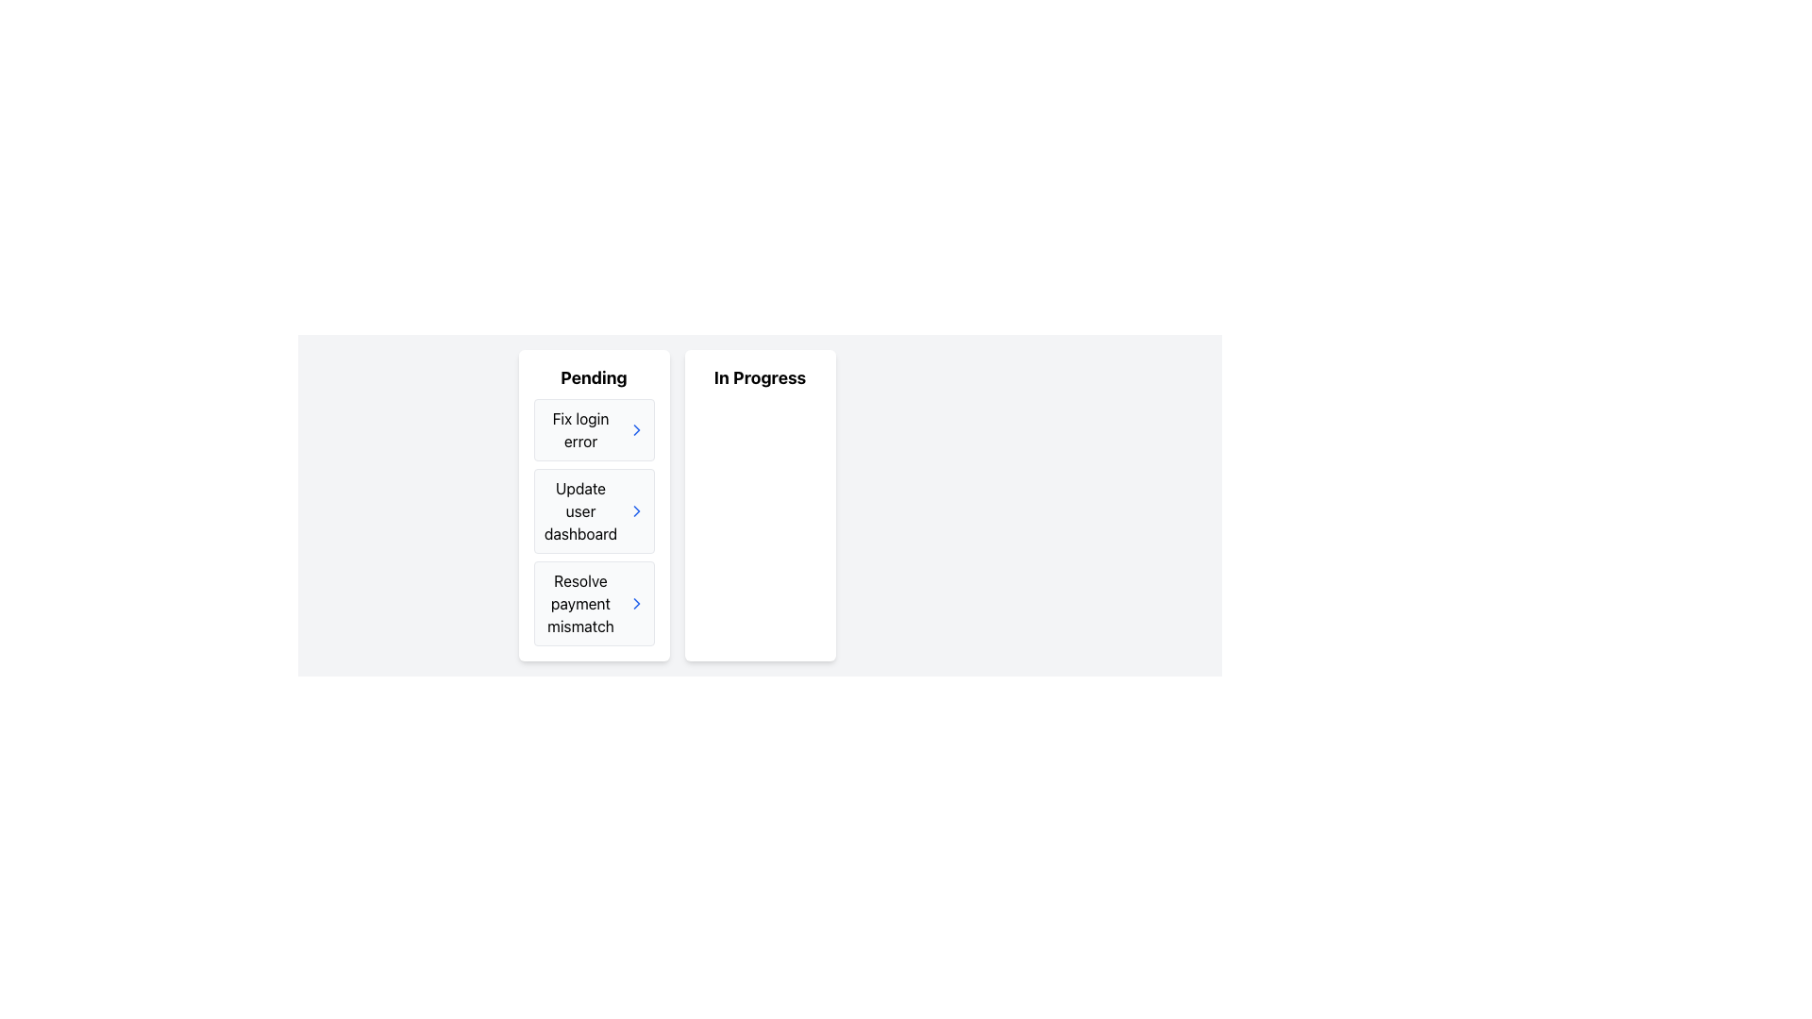 This screenshot has width=1812, height=1019. Describe the element at coordinates (636, 511) in the screenshot. I see `the icon button located at the far-right side of the 'Update user dashboard' item in the 'Pending' section` at that location.